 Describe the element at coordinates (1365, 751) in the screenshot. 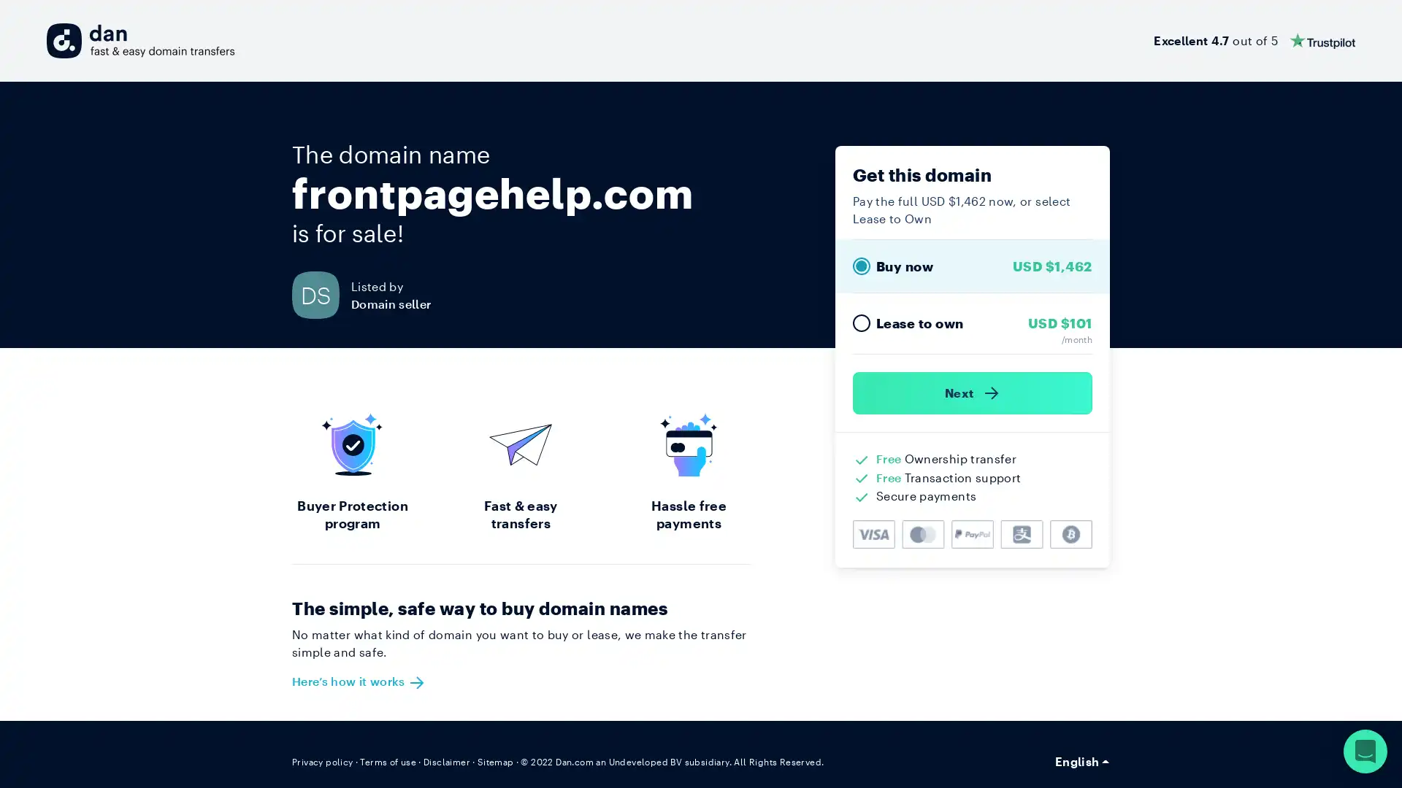

I see `Open Intercom Messenger` at that location.